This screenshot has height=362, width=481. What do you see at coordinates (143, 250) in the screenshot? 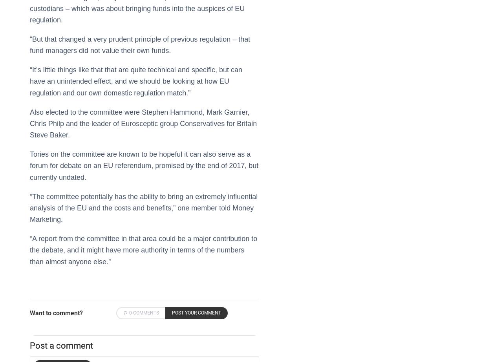
I see `'“A report from the committee in that area could be a major contribution to the debate, and it might have more authority in terms of the numbers than almost anyone else.”'` at bounding box center [143, 250].